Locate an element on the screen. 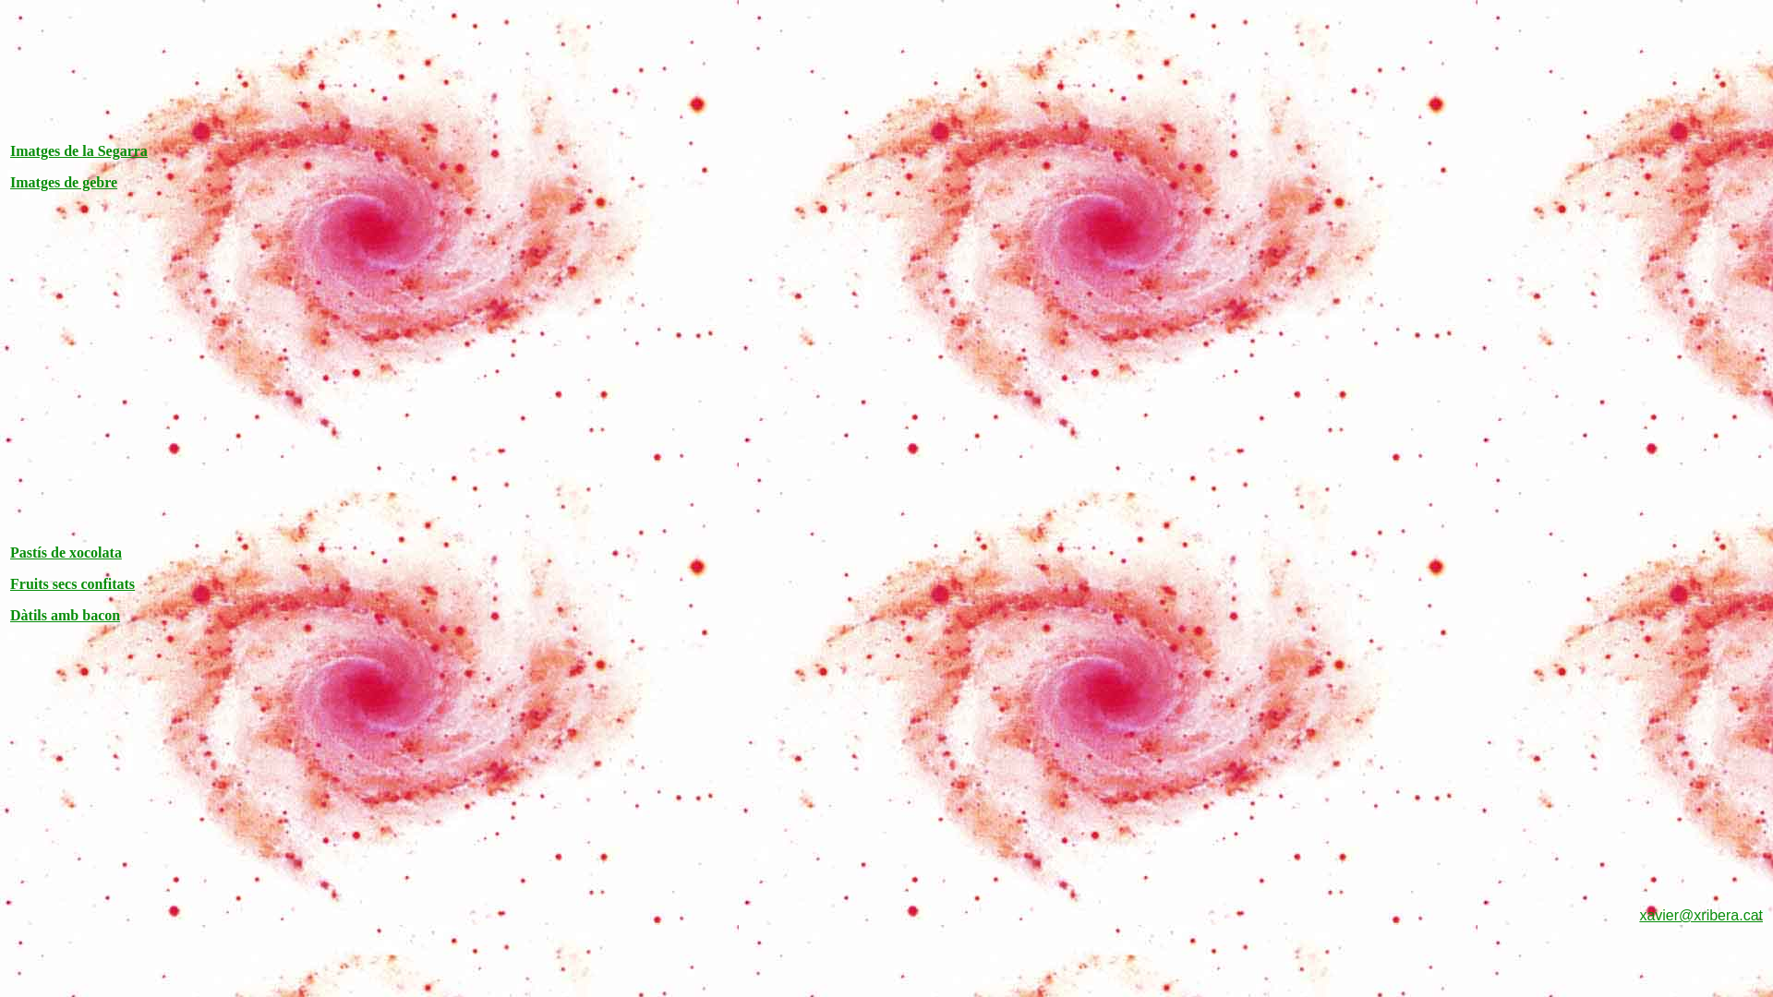 This screenshot has width=1773, height=997. 'Imatges de la Segarra' is located at coordinates (78, 150).